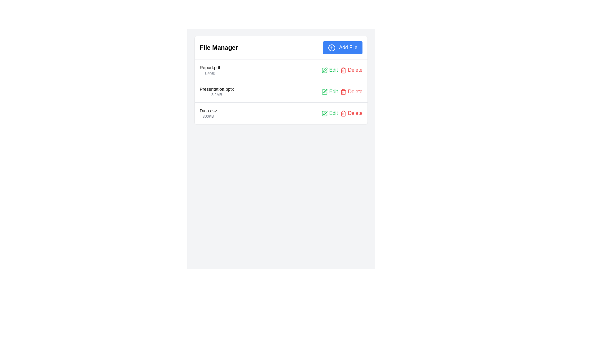 Image resolution: width=601 pixels, height=338 pixels. Describe the element at coordinates (210, 73) in the screenshot. I see `the static text label displaying '1.4MB', which is positioned below the 'Report.pdf' text in the file listing interface` at that location.